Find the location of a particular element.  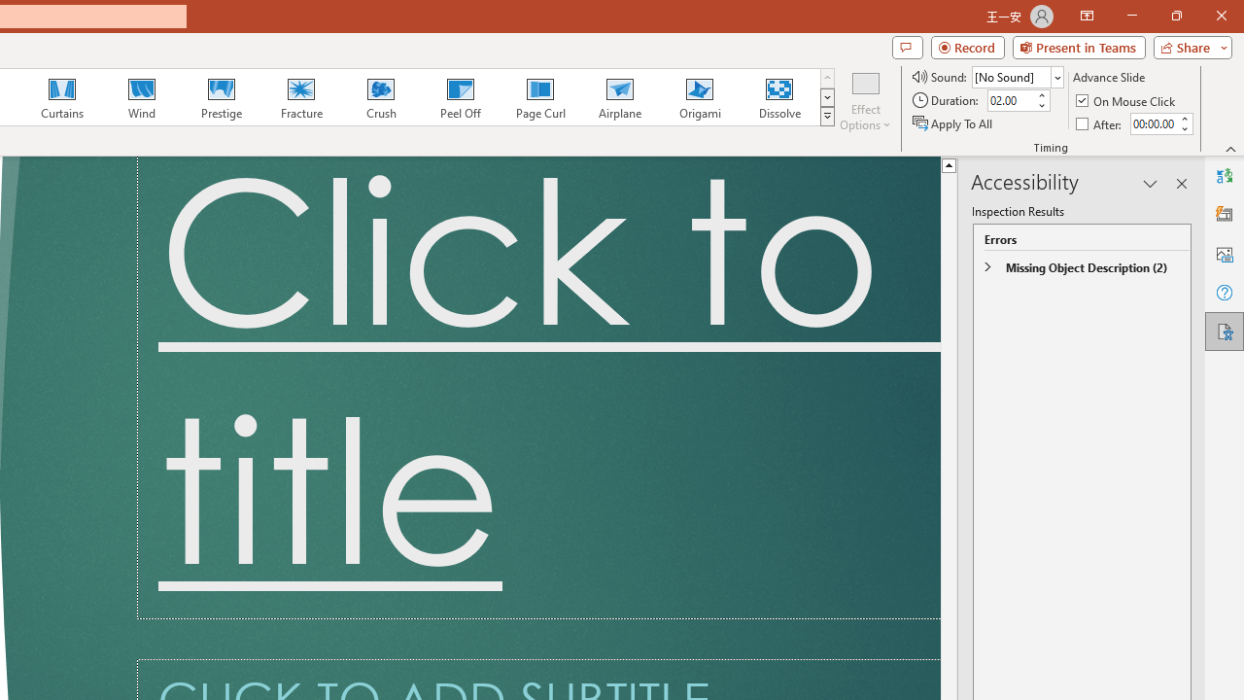

'Page Curl' is located at coordinates (539, 97).